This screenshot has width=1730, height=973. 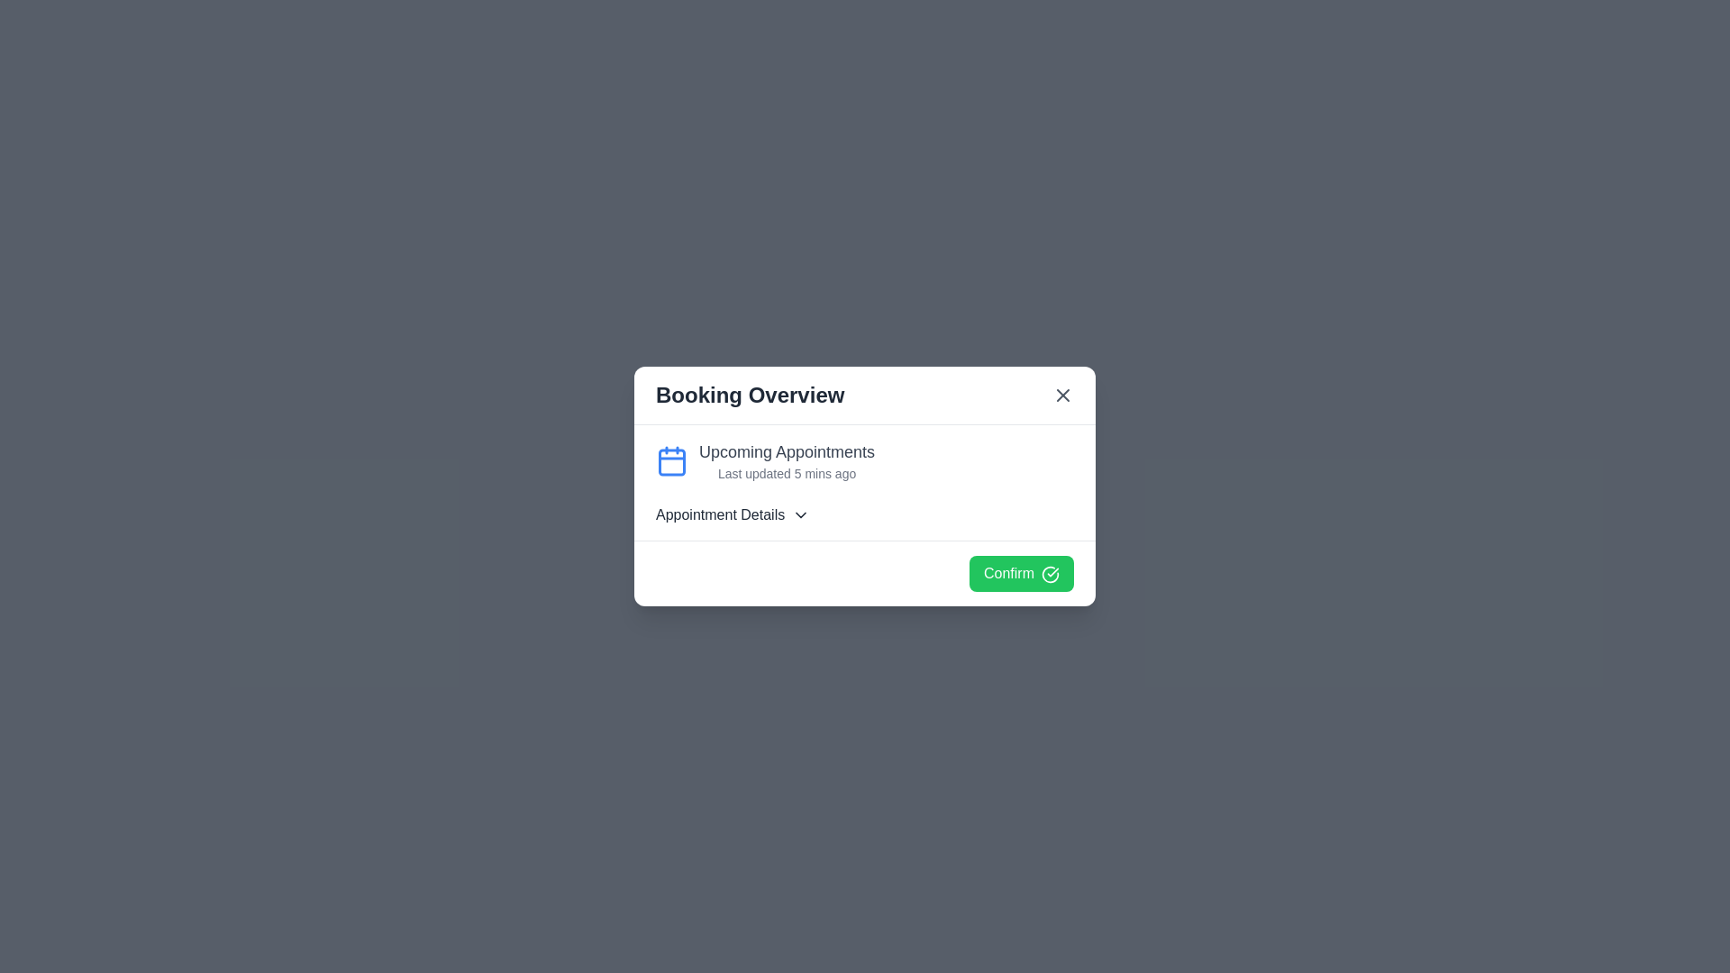 What do you see at coordinates (800, 514) in the screenshot?
I see `the chevron-shaped dropdown toggle icon located to the right of the 'Appointment Details' text` at bounding box center [800, 514].